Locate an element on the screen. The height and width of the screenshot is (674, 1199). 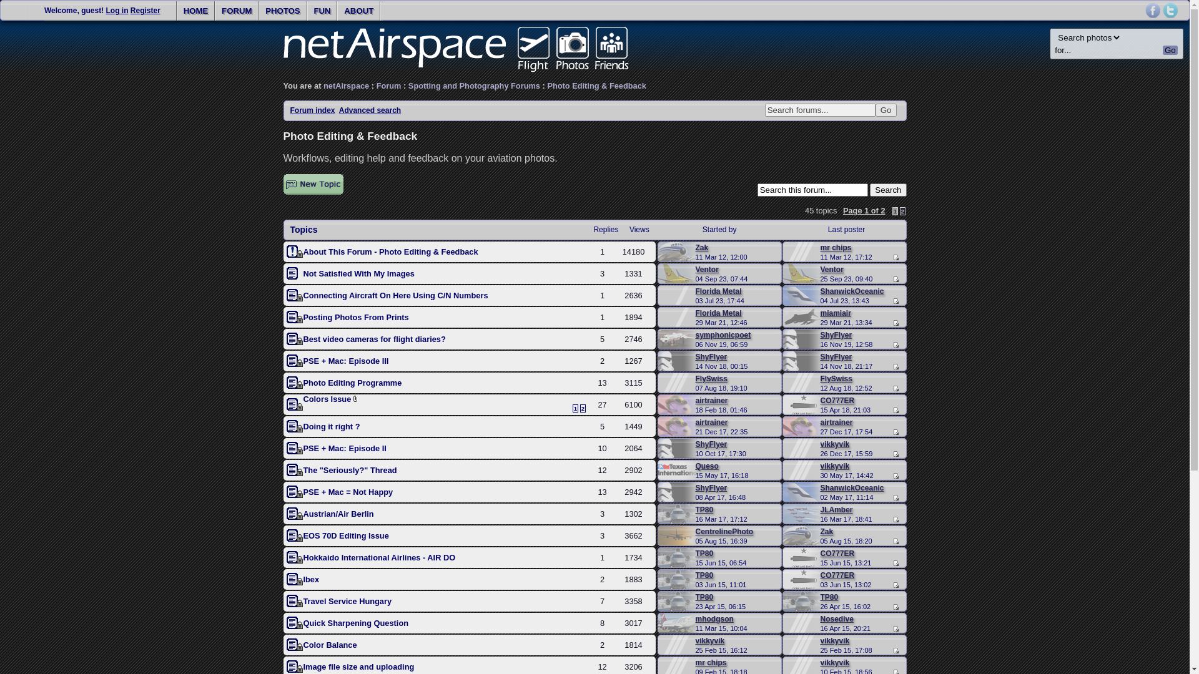
'TP80' is located at coordinates (704, 553).